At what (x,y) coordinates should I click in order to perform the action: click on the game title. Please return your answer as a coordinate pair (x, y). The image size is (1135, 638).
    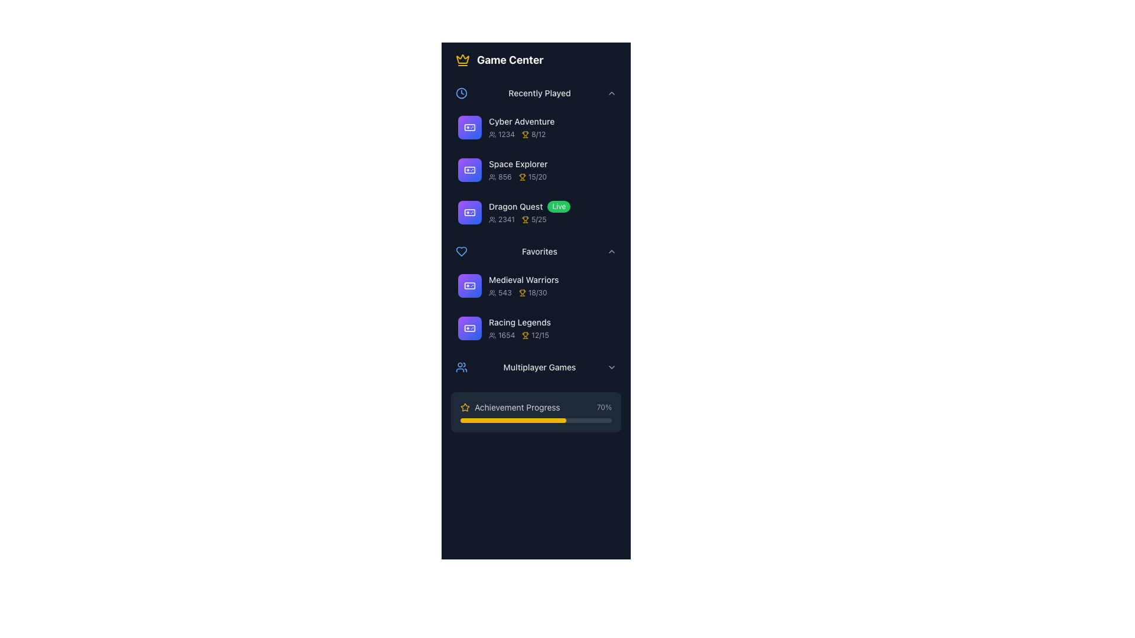
    Looking at the image, I should click on (550, 280).